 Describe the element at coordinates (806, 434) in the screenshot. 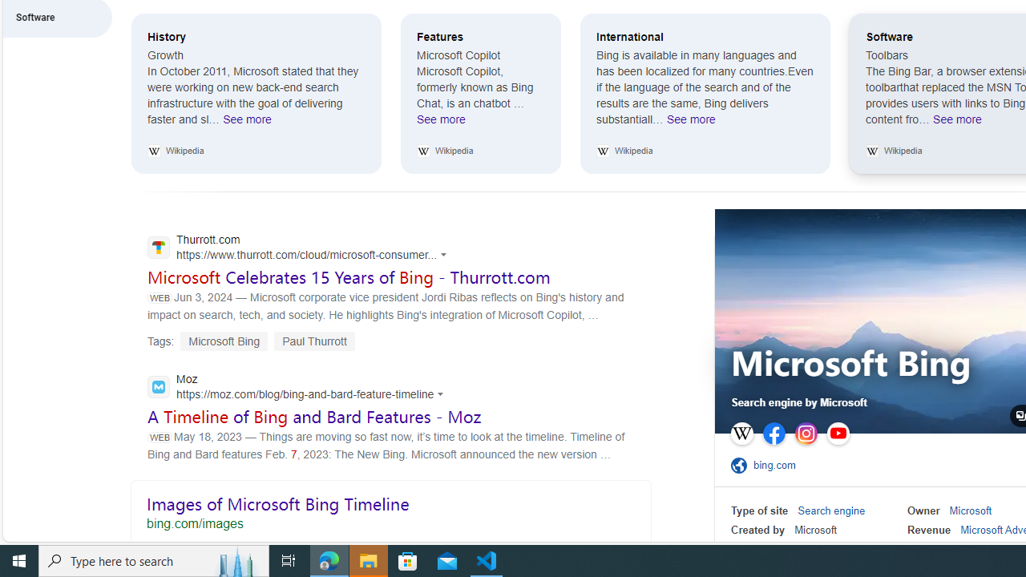

I see `'Instagram'` at that location.